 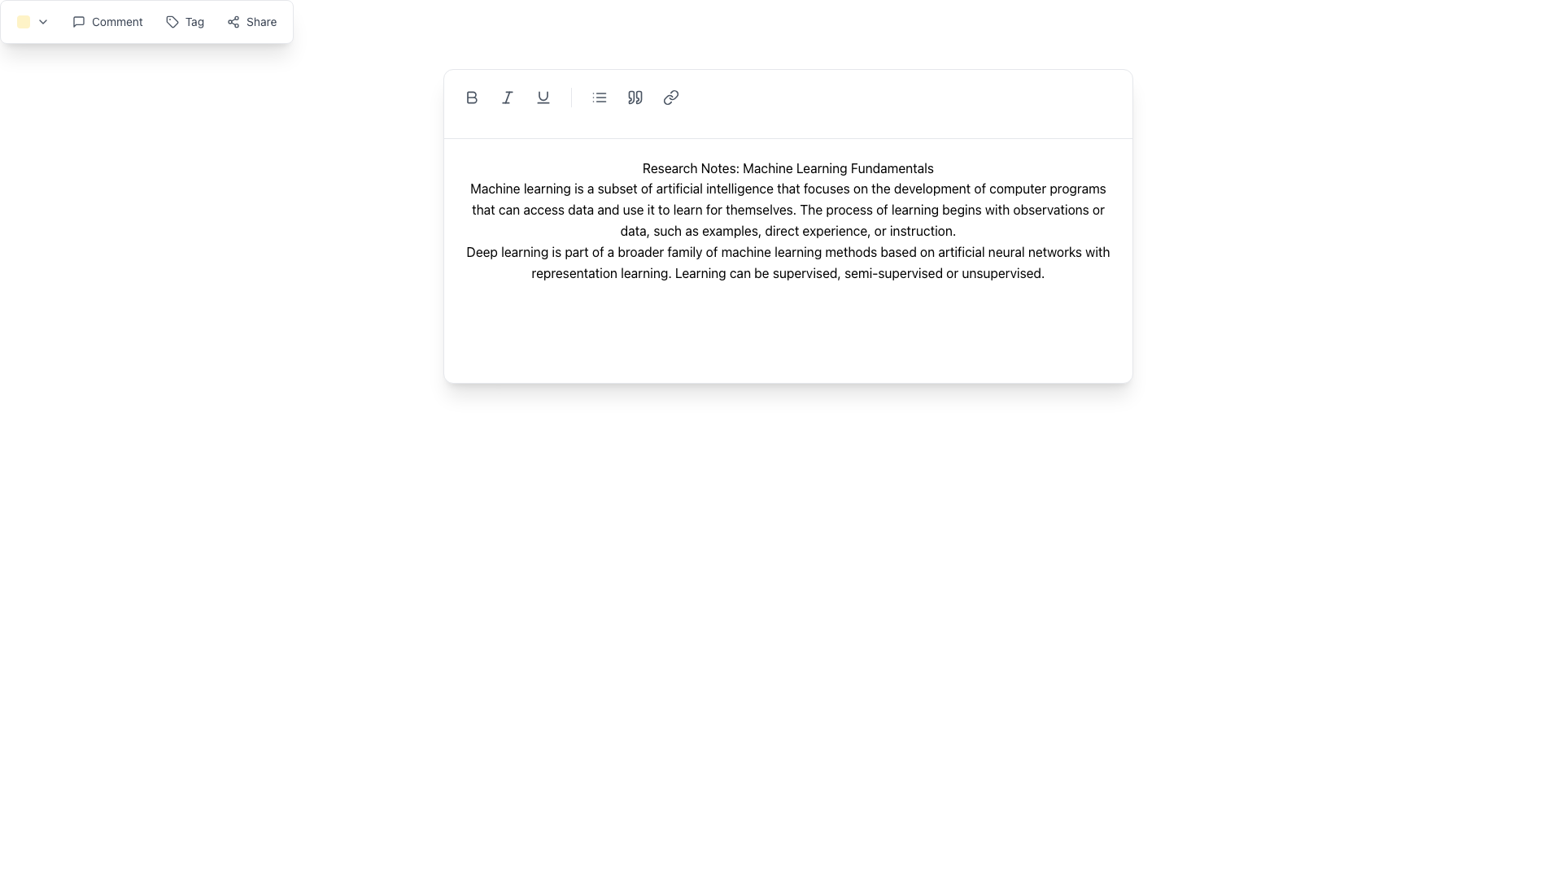 I want to click on the bold formatting icon located in the top-left corner of the interface, so click(x=471, y=97).